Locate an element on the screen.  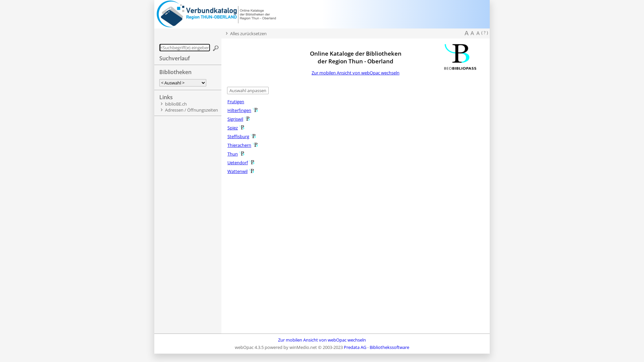
'Go!' is located at coordinates (216, 48).